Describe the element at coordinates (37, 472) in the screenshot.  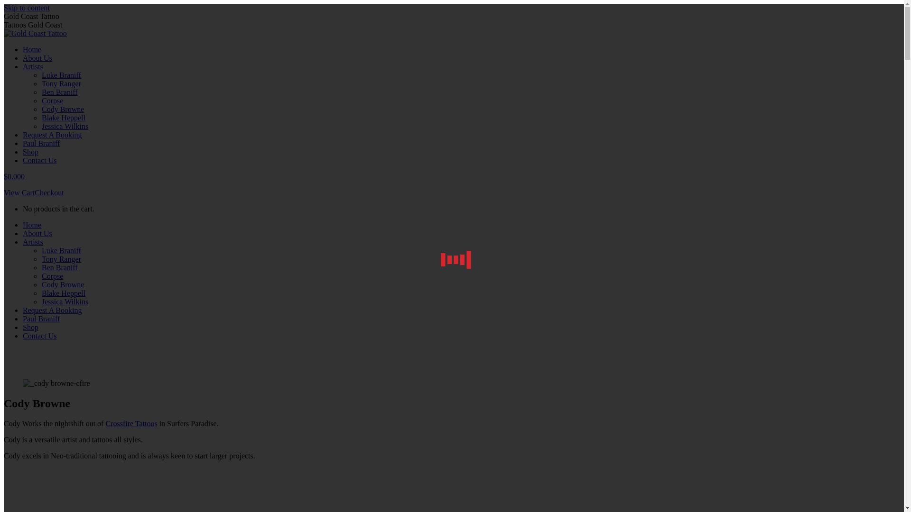
I see `'Follow on Instagram'` at that location.